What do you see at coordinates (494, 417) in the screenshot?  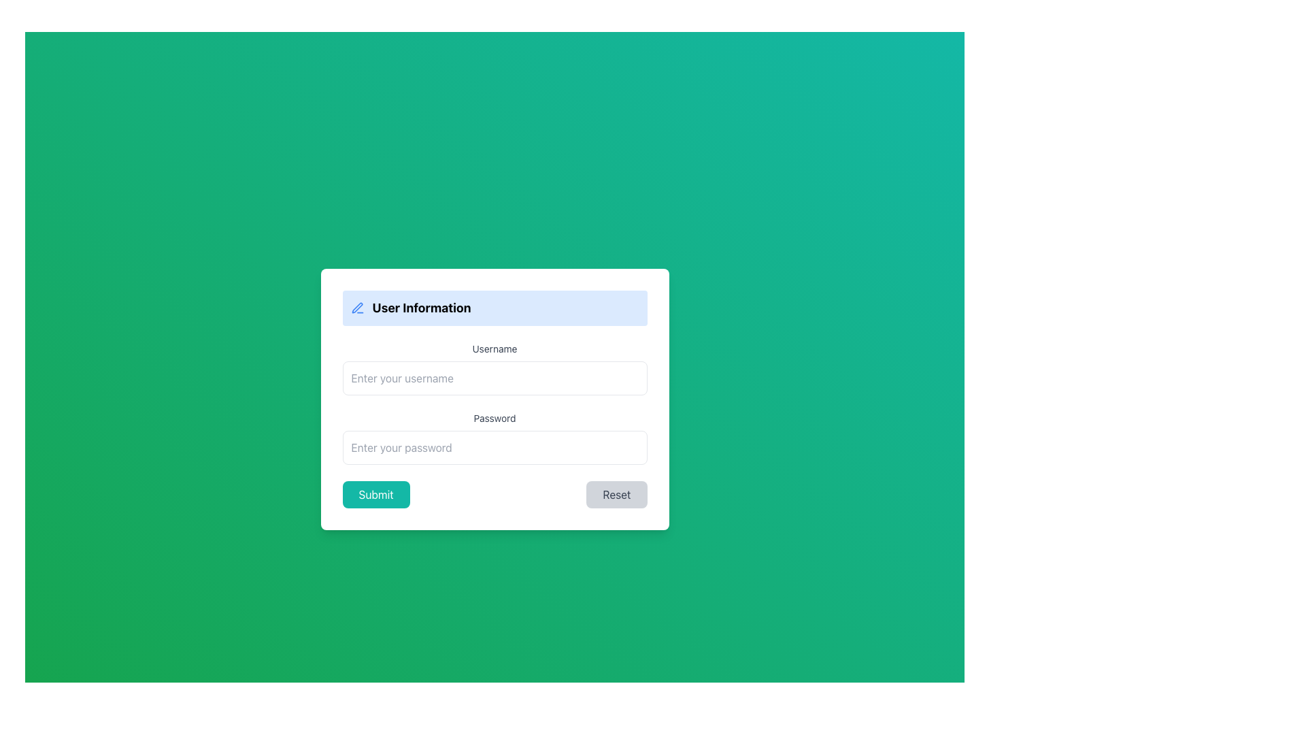 I see `the 'Password' label, which displays the text in a small grayish font, located above the password input field in the central area of the form` at bounding box center [494, 417].